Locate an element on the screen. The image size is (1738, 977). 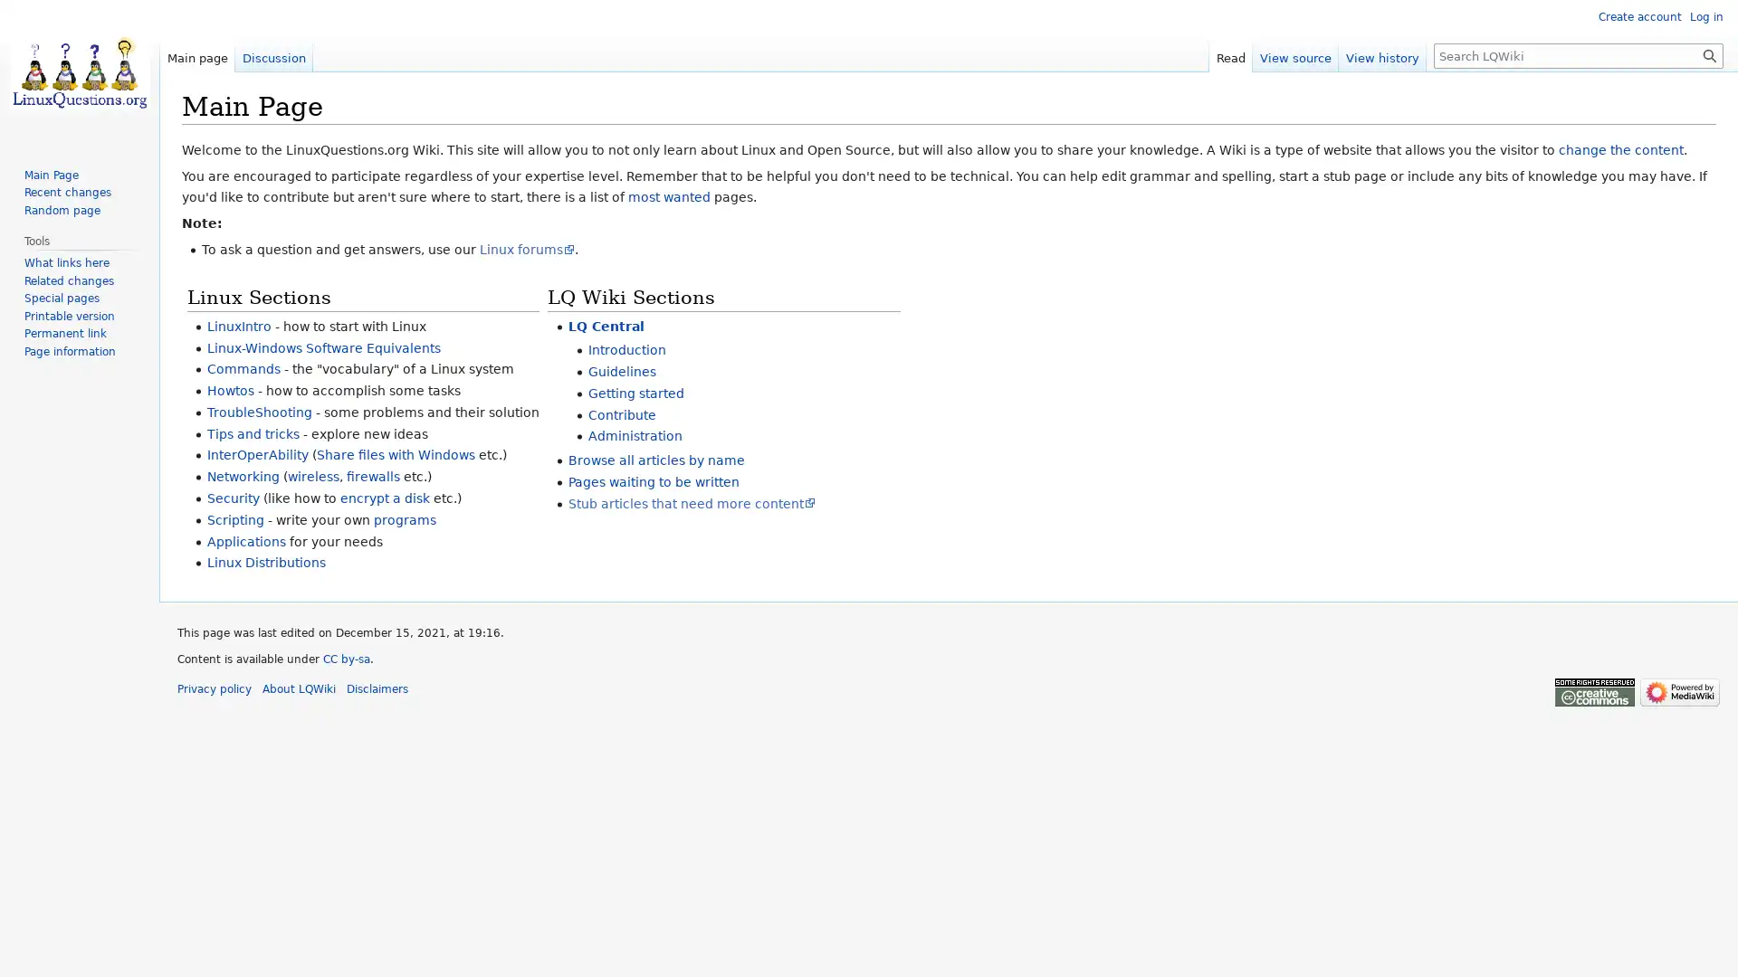
Search is located at coordinates (1709, 54).